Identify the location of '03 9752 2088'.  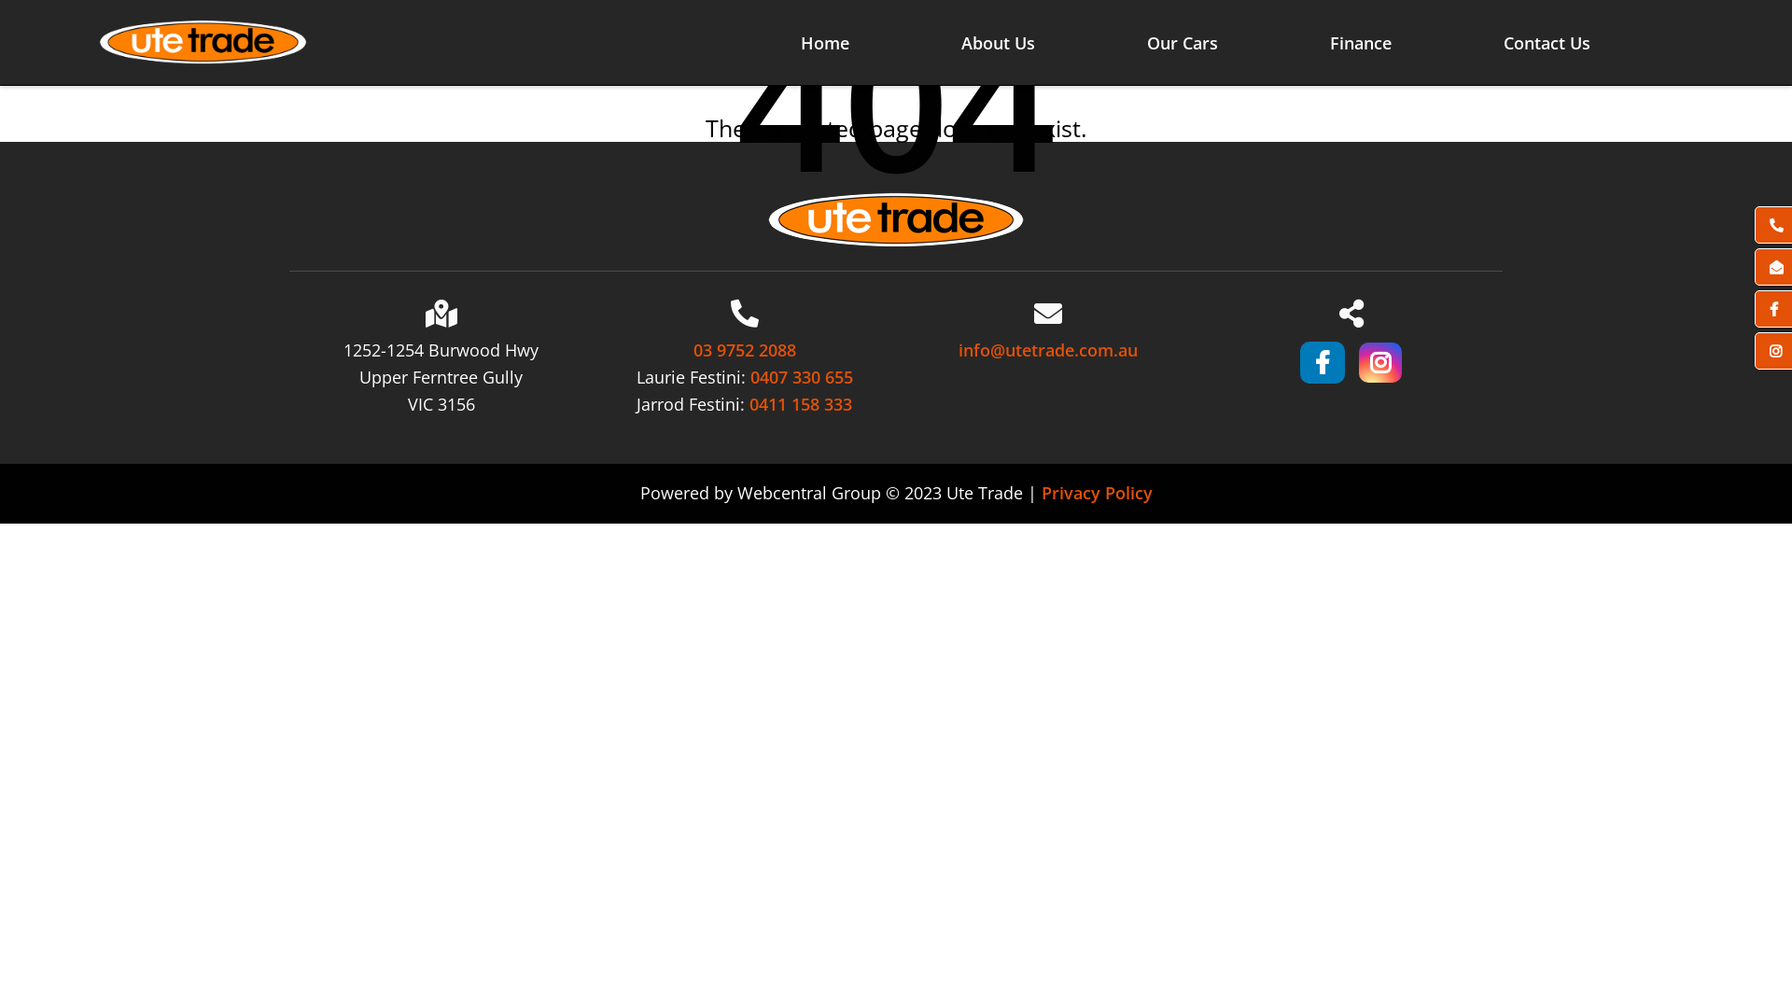
(742, 350).